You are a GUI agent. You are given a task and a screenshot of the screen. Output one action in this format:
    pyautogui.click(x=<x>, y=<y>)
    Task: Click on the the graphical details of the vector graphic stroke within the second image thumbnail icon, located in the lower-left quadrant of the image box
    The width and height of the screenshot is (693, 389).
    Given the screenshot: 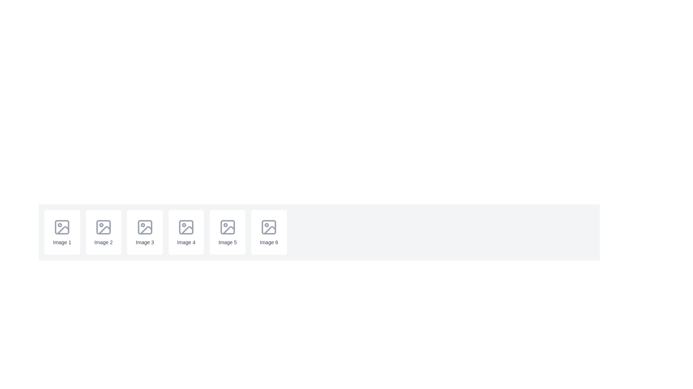 What is the action you would take?
    pyautogui.click(x=104, y=230)
    